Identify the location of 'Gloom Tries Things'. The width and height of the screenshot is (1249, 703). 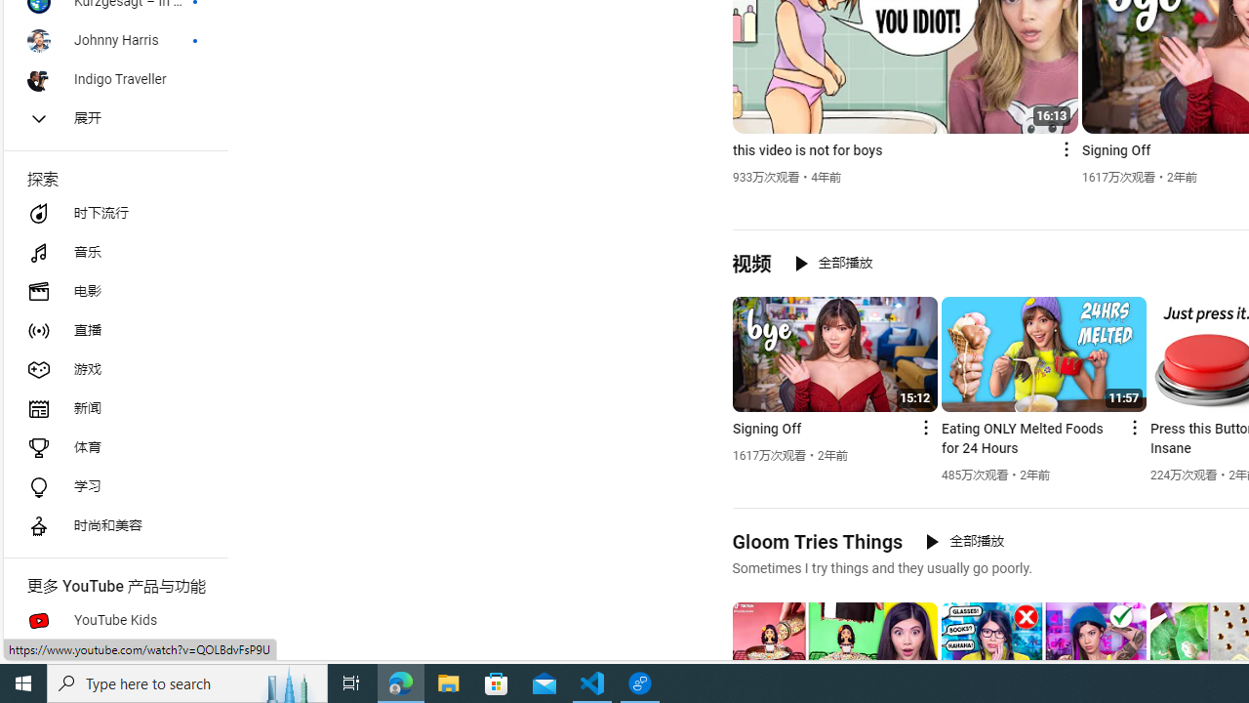
(817, 541).